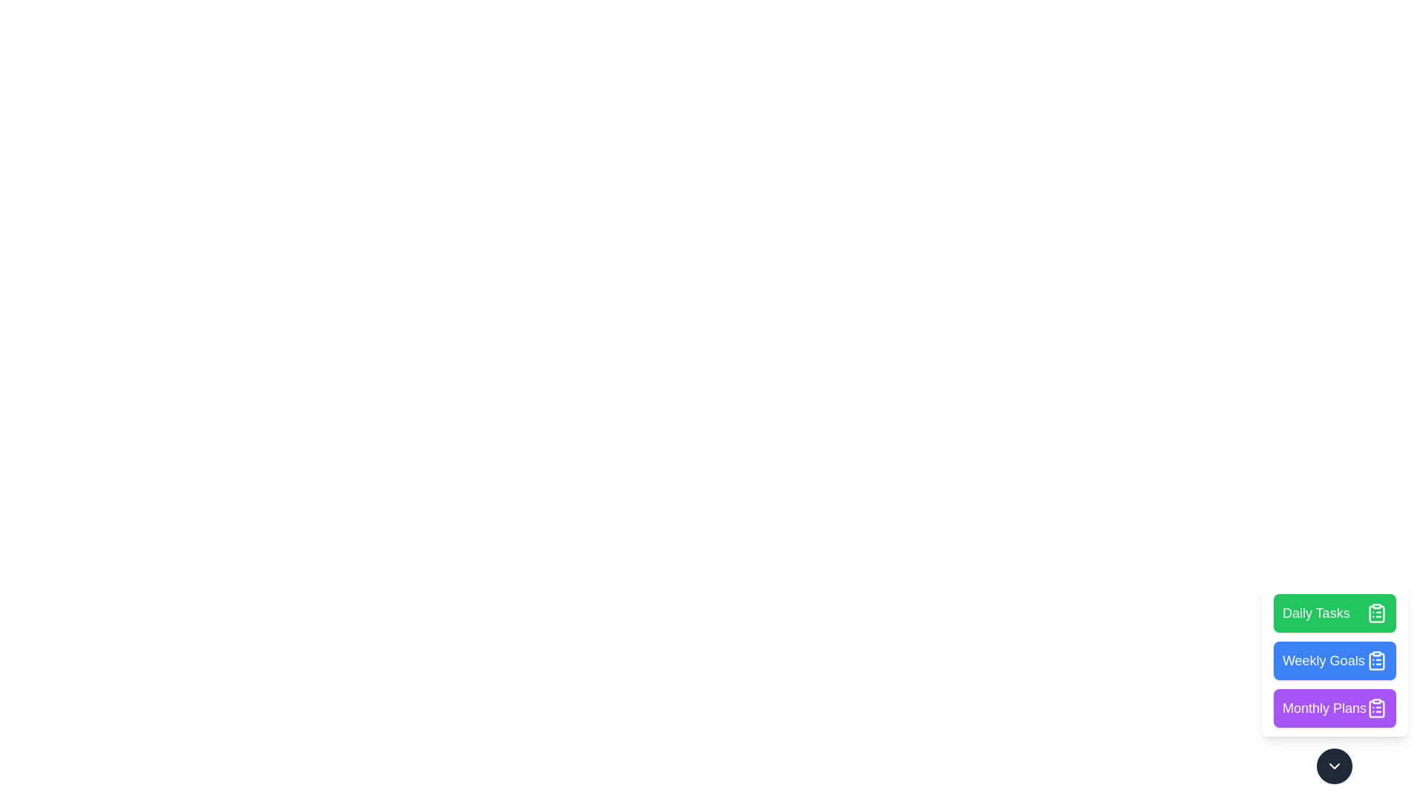 The height and width of the screenshot is (802, 1426). What do you see at coordinates (1335, 660) in the screenshot?
I see `the 'Weekly Goals' button in the SpeedDialInteractiveMenu` at bounding box center [1335, 660].